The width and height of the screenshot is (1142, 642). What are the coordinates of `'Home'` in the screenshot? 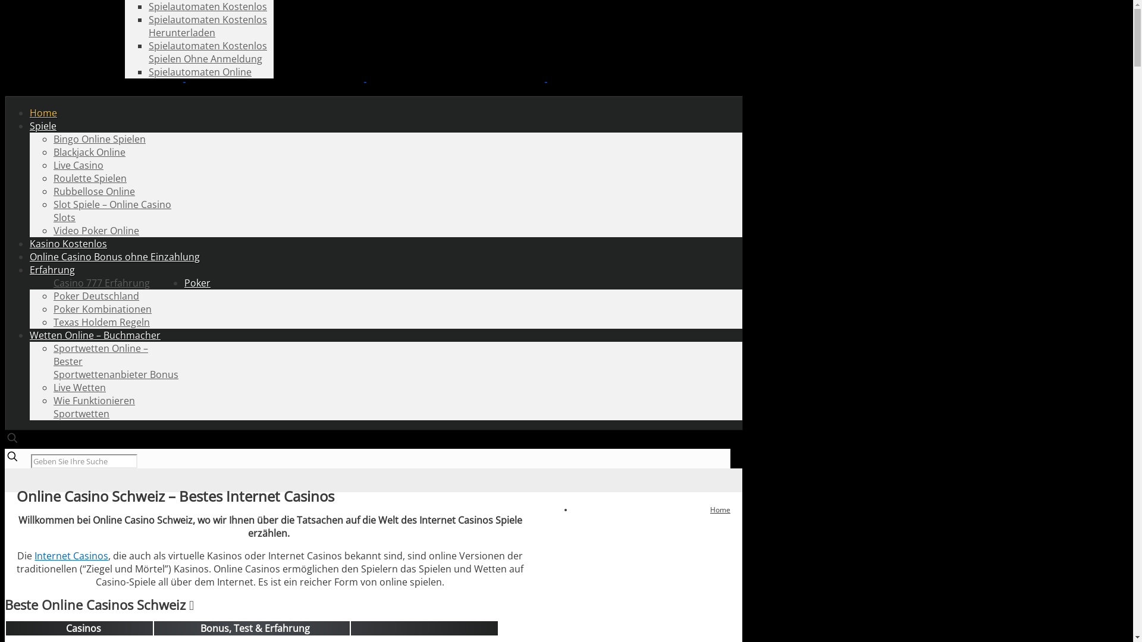 It's located at (719, 509).